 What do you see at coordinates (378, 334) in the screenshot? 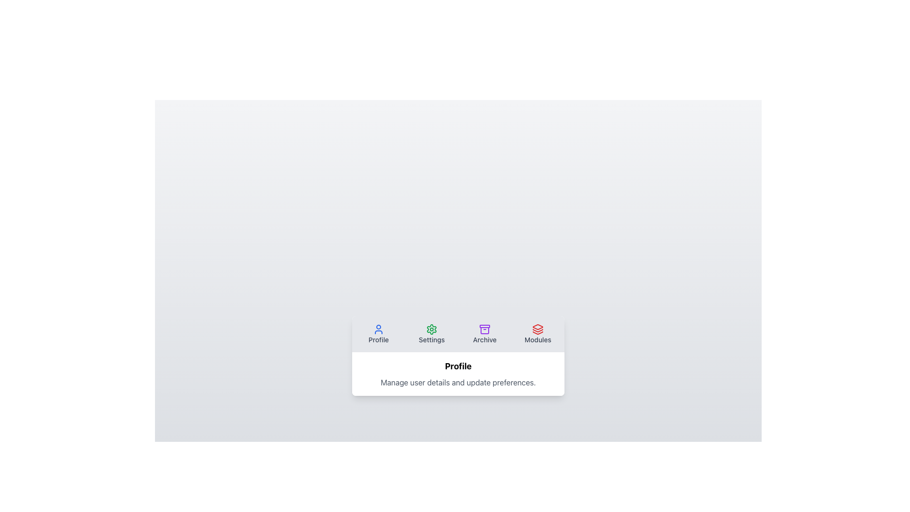
I see `the first menu item with an icon and label` at bounding box center [378, 334].